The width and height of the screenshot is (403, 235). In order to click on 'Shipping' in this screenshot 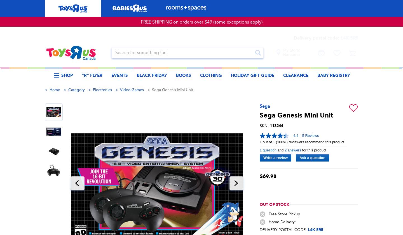, I will do `click(201, 127)`.